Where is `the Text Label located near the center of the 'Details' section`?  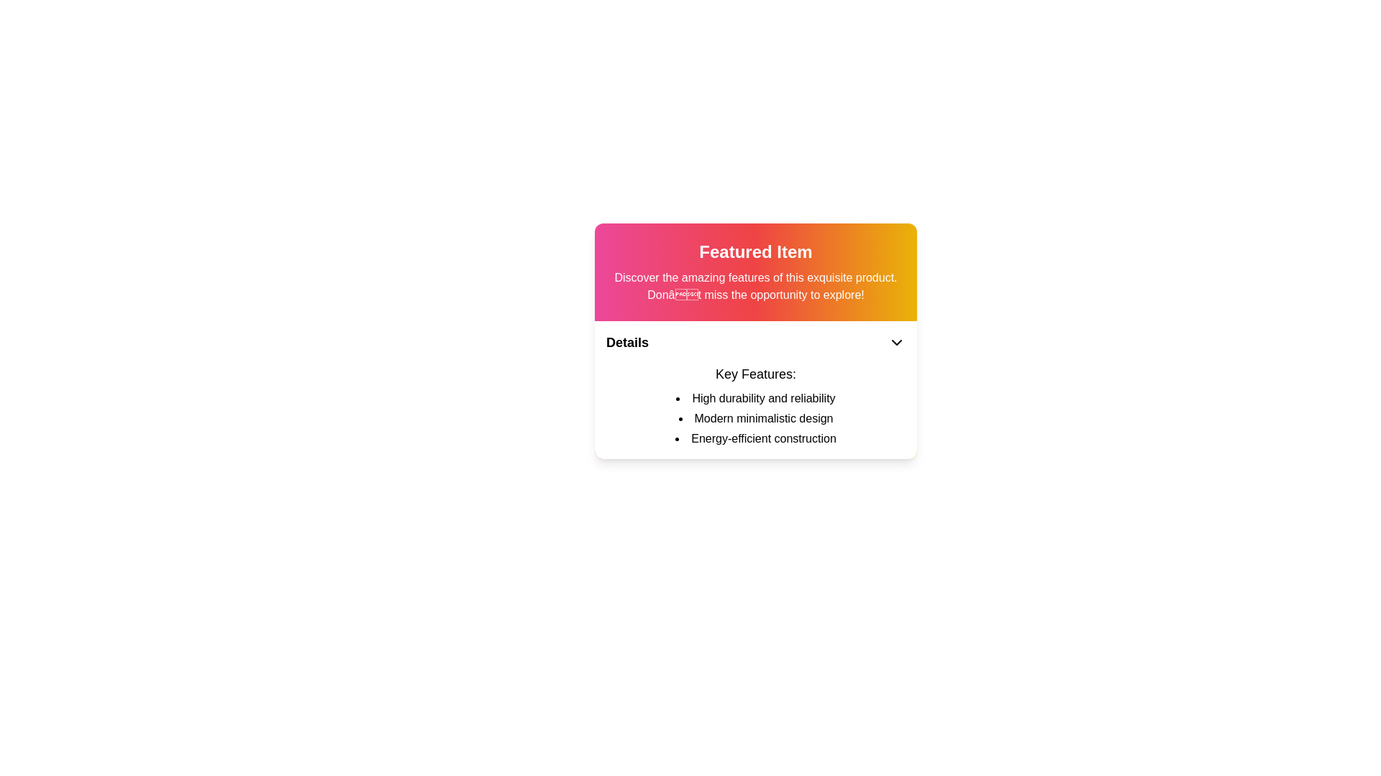 the Text Label located near the center of the 'Details' section is located at coordinates (755, 373).